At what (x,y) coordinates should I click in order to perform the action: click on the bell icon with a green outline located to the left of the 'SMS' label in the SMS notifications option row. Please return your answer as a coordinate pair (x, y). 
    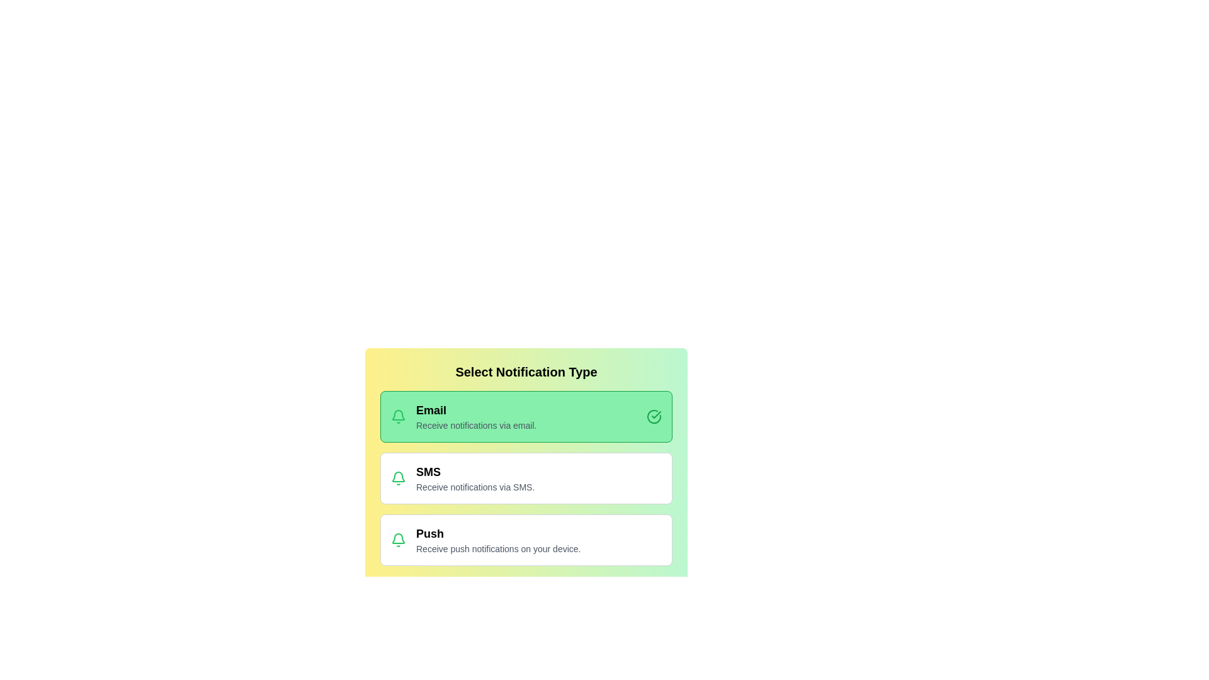
    Looking at the image, I should click on (398, 478).